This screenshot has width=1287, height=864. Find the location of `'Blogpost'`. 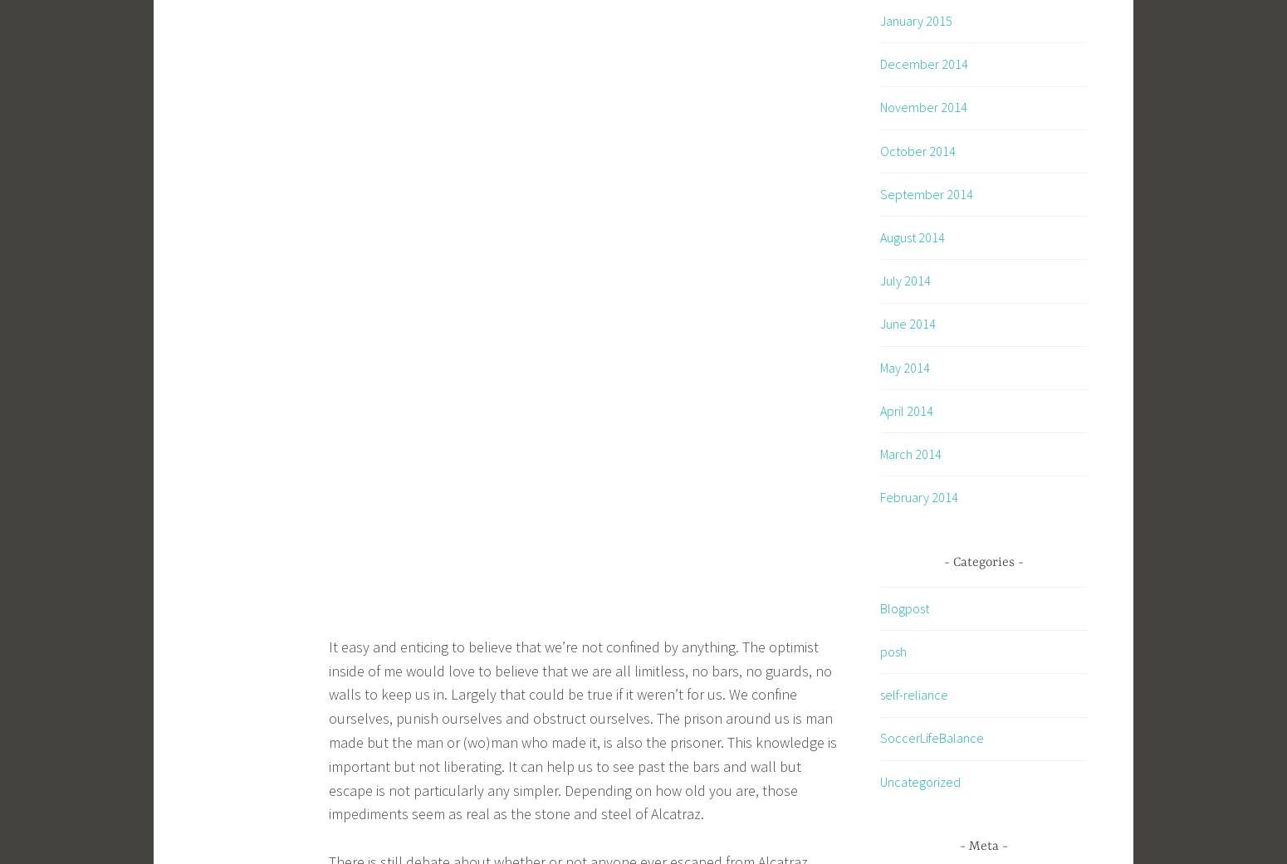

'Blogpost' is located at coordinates (903, 608).